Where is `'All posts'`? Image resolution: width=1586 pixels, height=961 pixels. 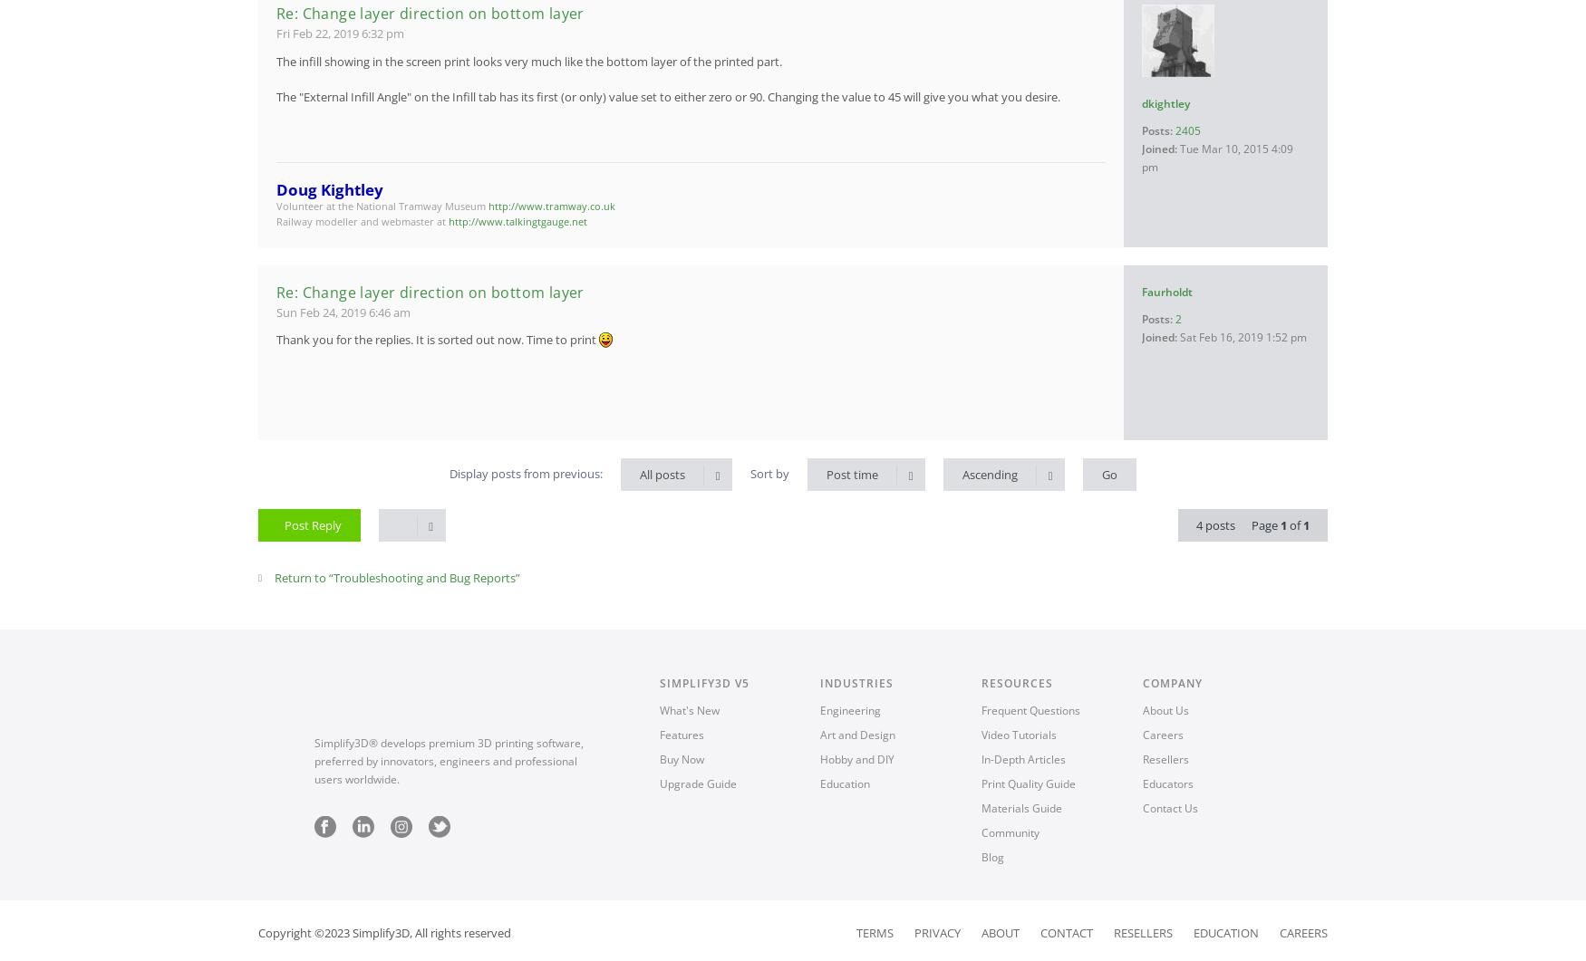 'All posts' is located at coordinates (662, 475).